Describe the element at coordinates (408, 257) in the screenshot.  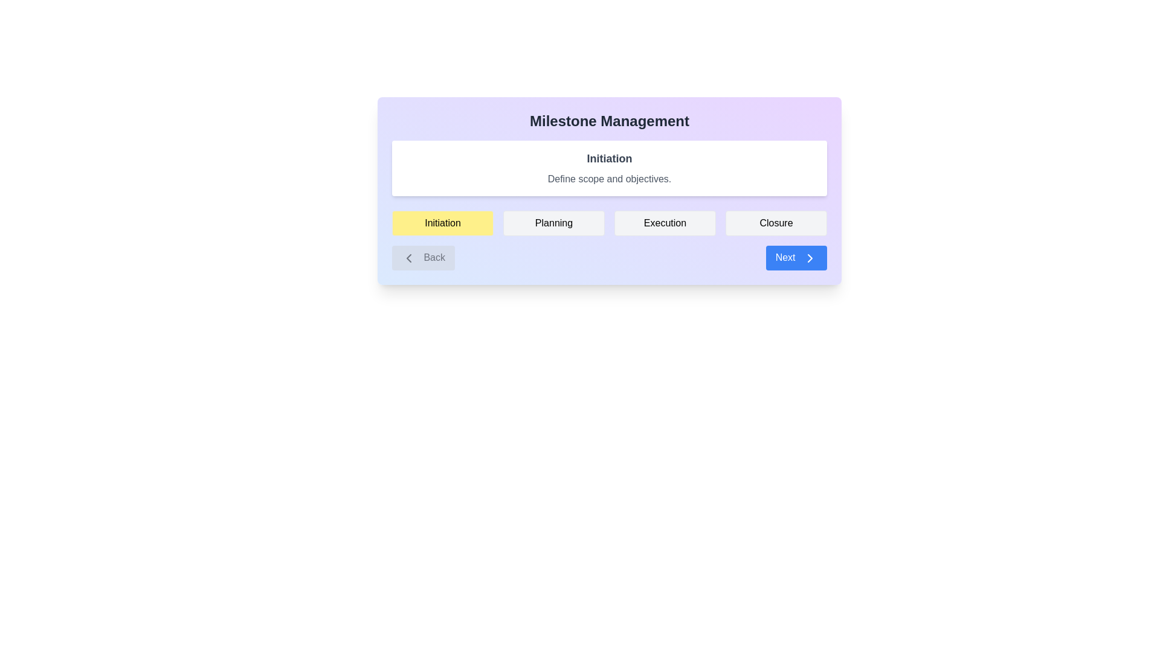
I see `the chevron icon situated within the 'Back' button in the bottom left region of the 'Milestone Management' panel` at that location.